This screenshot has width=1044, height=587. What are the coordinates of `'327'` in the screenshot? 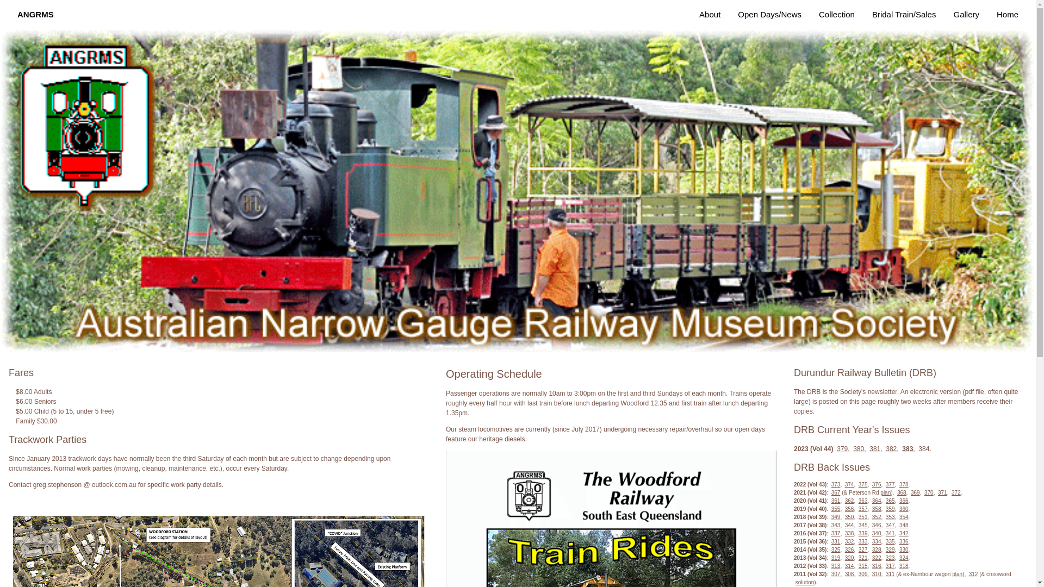 It's located at (862, 549).